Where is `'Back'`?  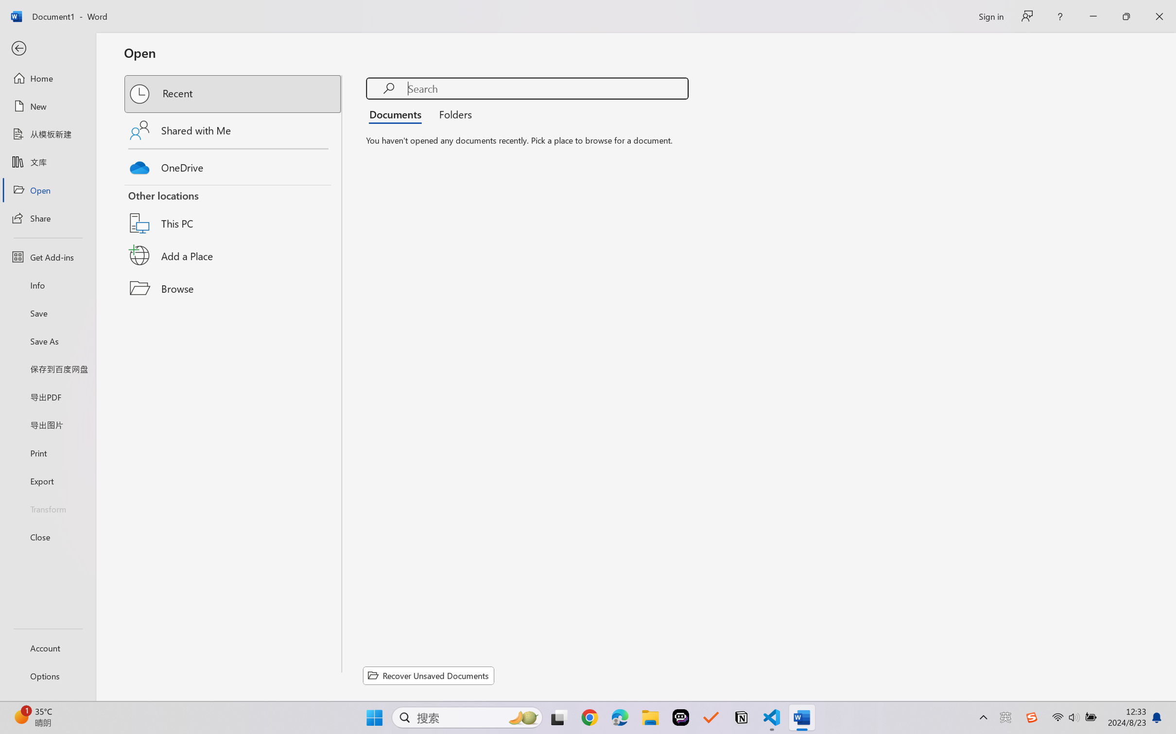 'Back' is located at coordinates (47, 49).